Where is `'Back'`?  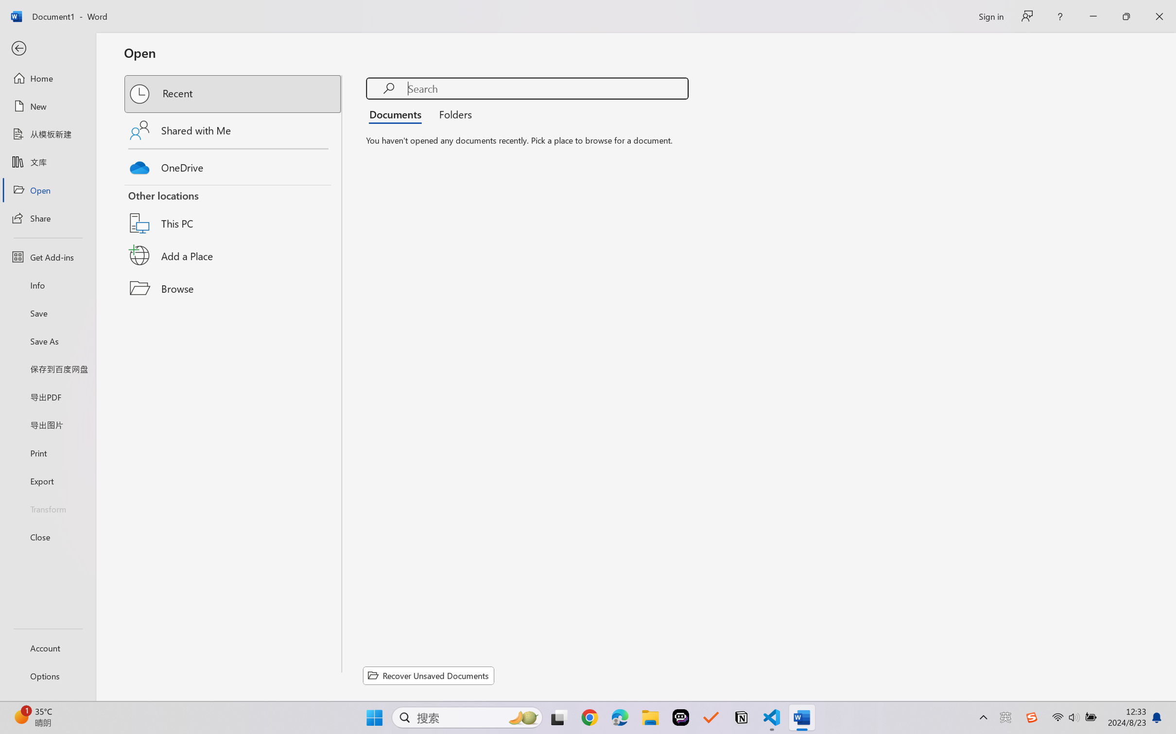 'Back' is located at coordinates (47, 49).